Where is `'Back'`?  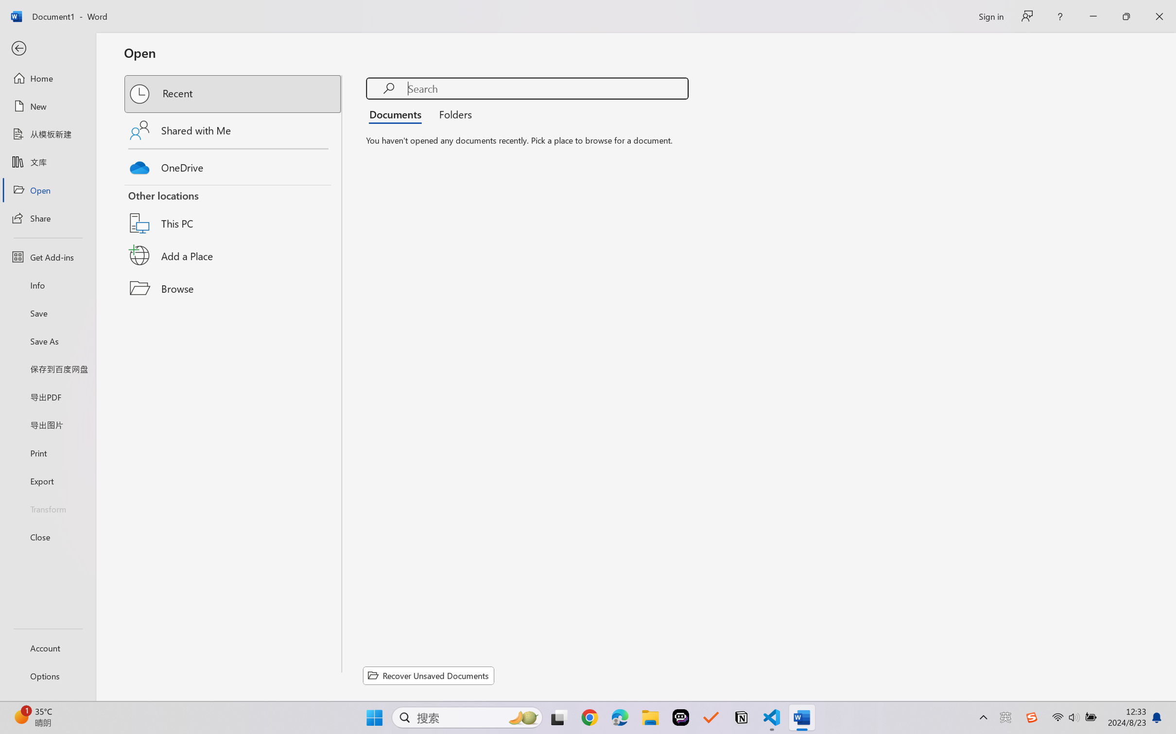 'Back' is located at coordinates (47, 49).